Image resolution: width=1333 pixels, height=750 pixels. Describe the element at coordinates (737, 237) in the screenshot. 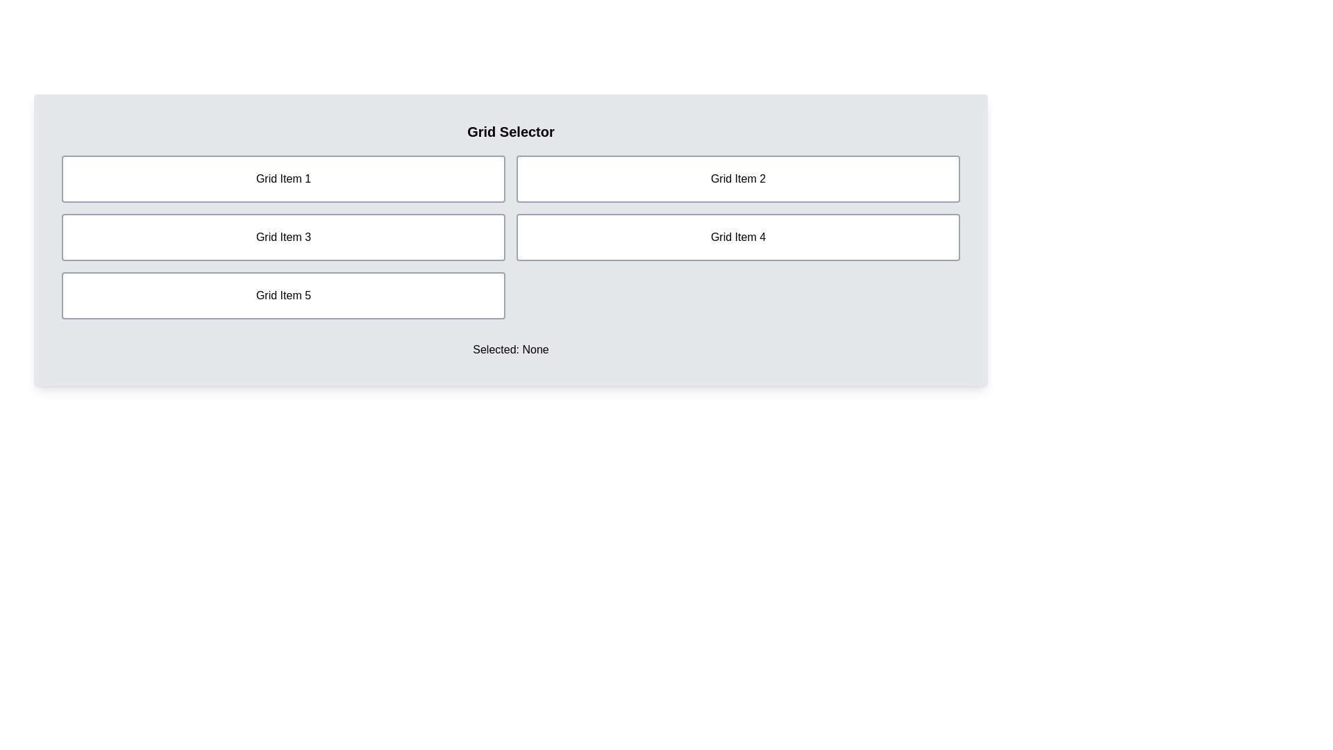

I see `the grid item labeled 'Grid Item 4' located in the bottom-right position of the grid within the 'Grid Selector' panel` at that location.